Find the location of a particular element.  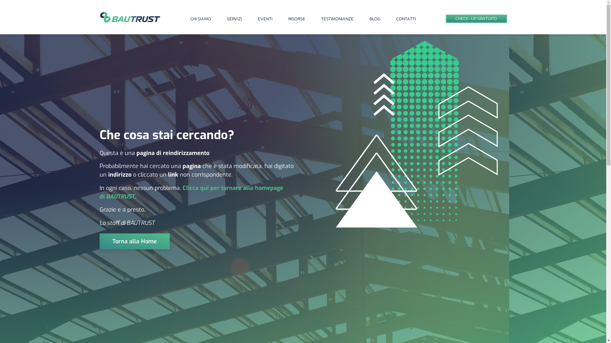

'CONTATTI' is located at coordinates (406, 19).